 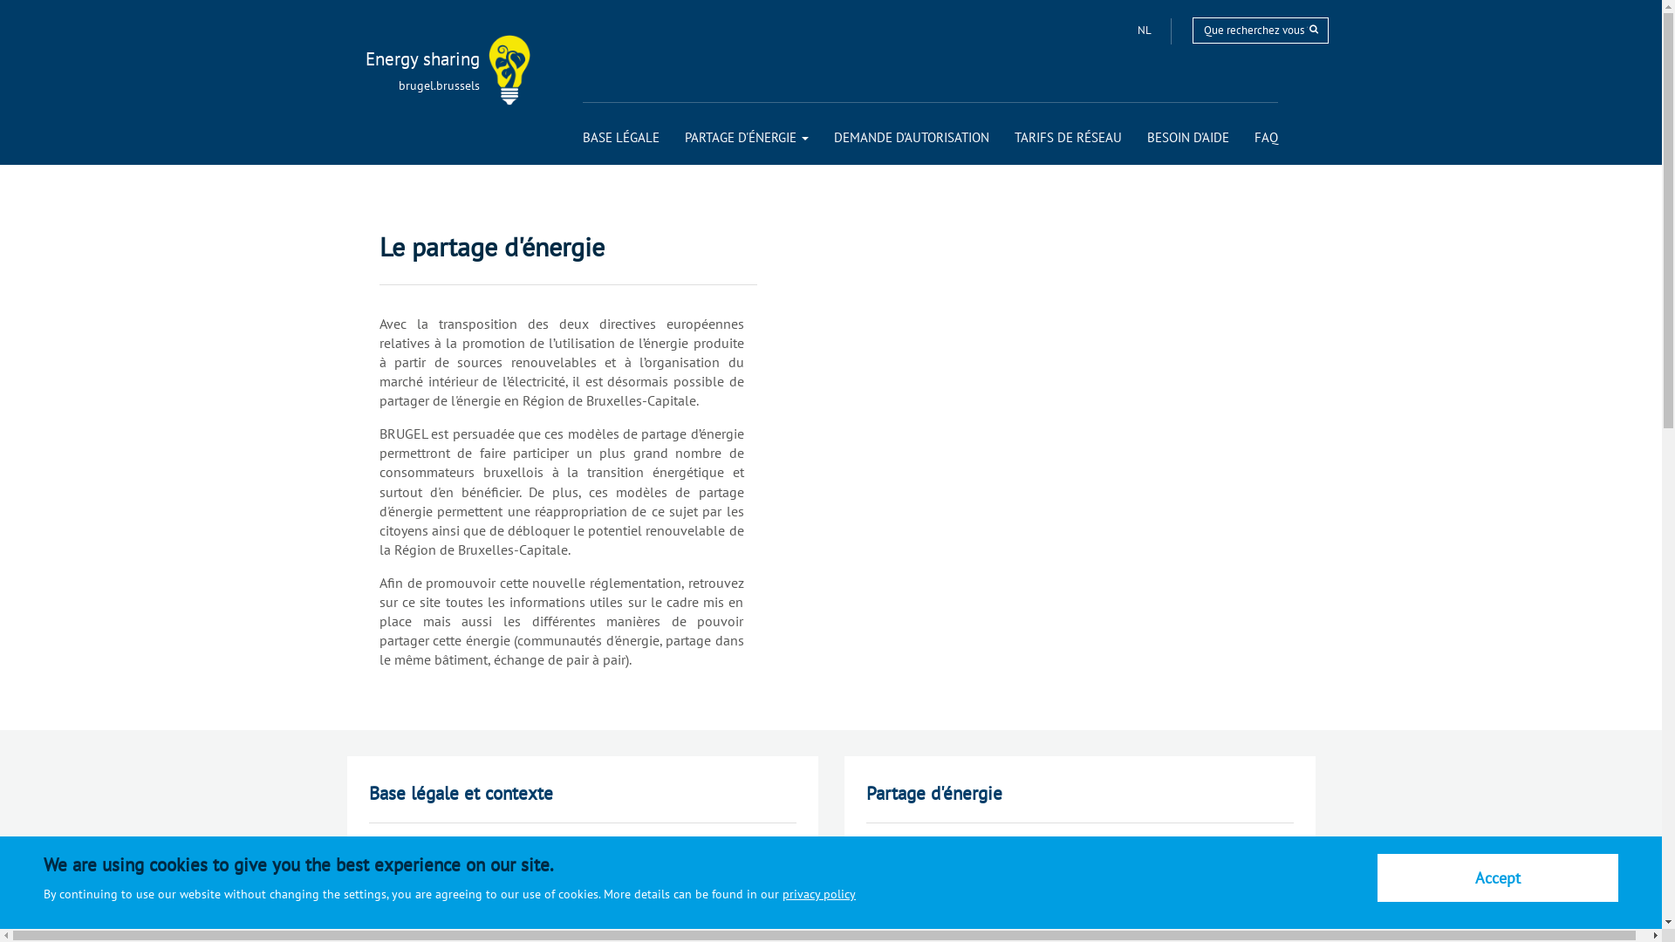 What do you see at coordinates (1186, 136) in the screenshot?
I see `'BESOIN D'AIDE'` at bounding box center [1186, 136].